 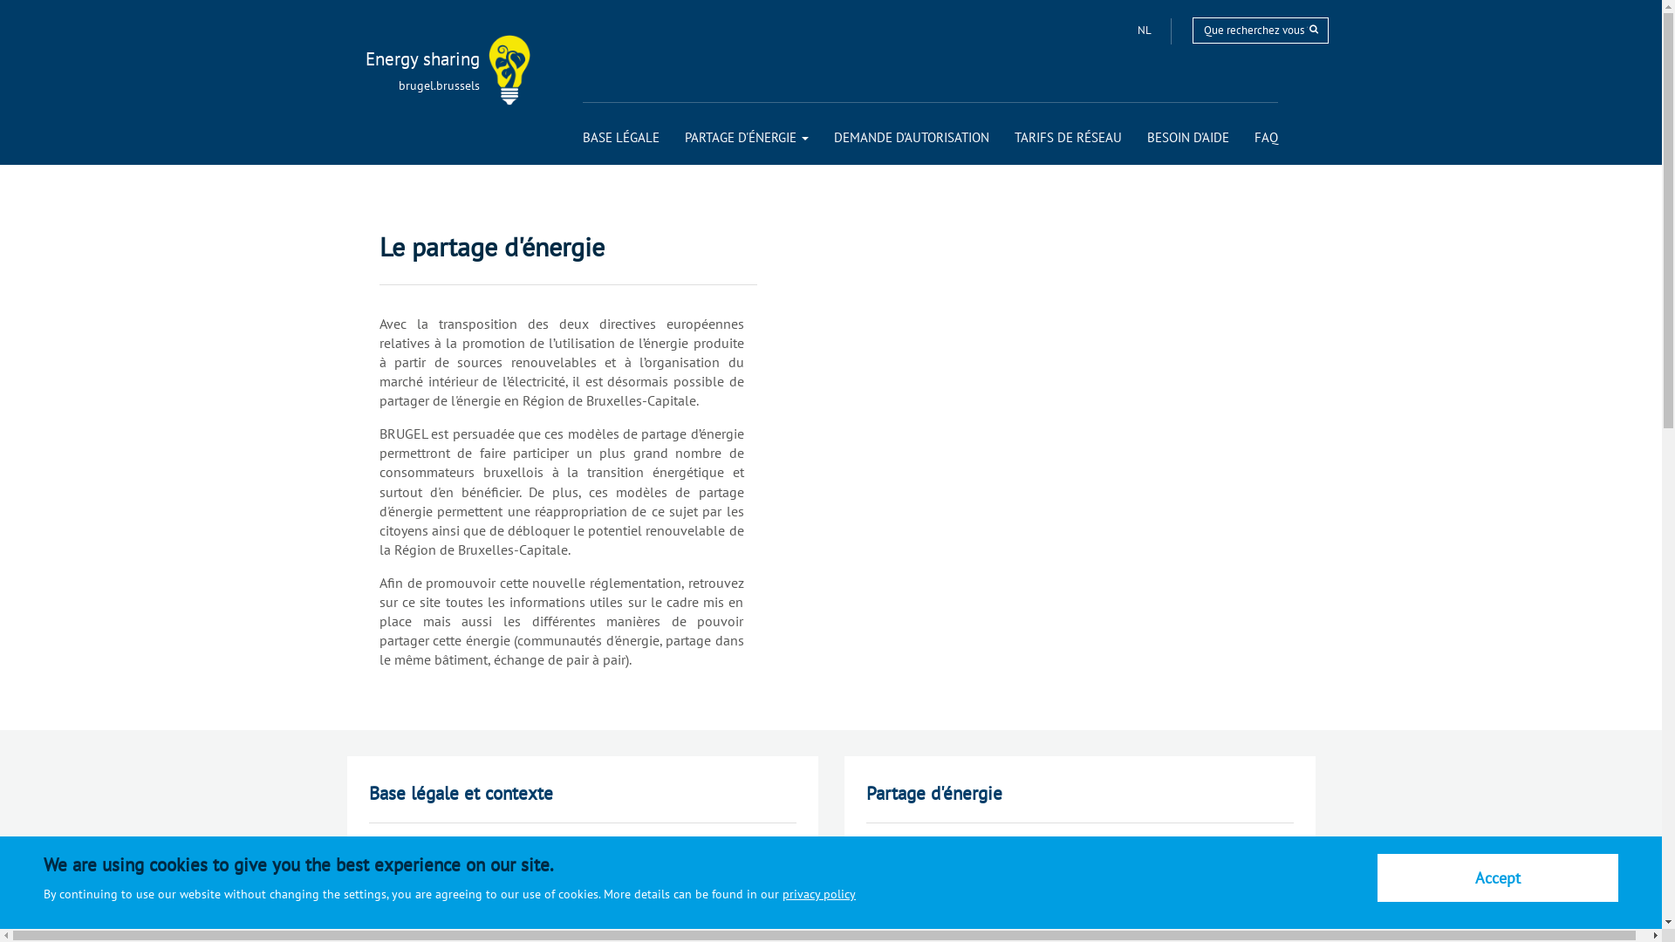 What do you see at coordinates (1186, 136) in the screenshot?
I see `'BESOIN D'AIDE'` at bounding box center [1186, 136].